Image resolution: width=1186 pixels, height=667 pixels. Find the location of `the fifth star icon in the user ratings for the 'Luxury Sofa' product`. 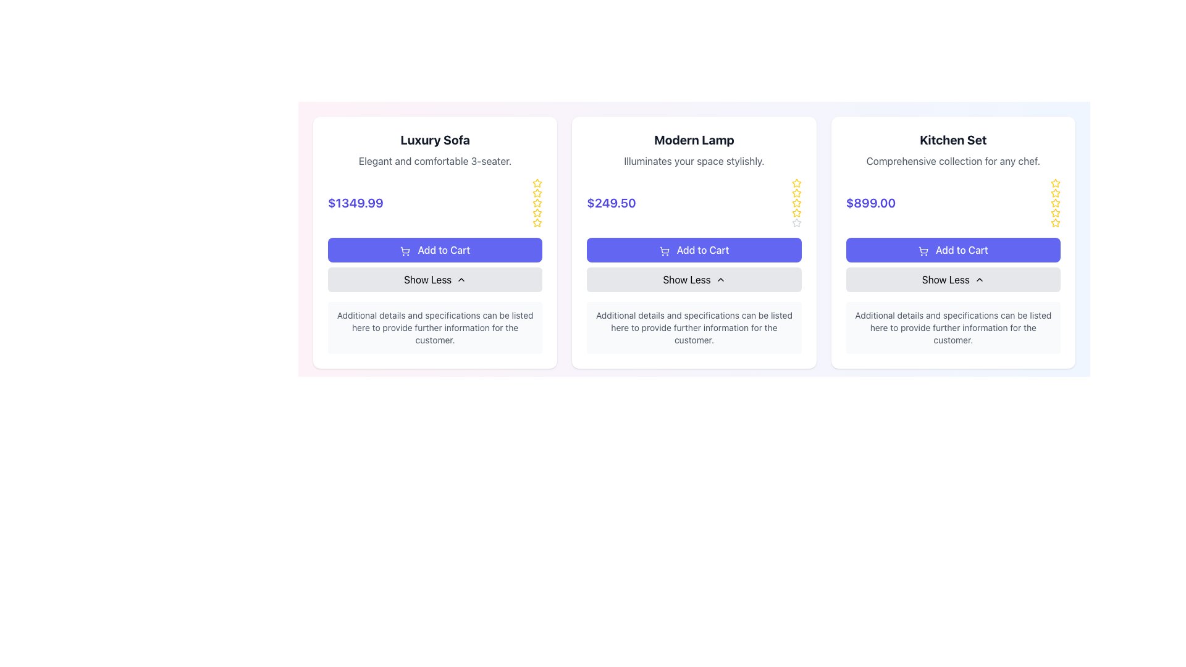

the fifth star icon in the user ratings for the 'Luxury Sofa' product is located at coordinates (537, 222).